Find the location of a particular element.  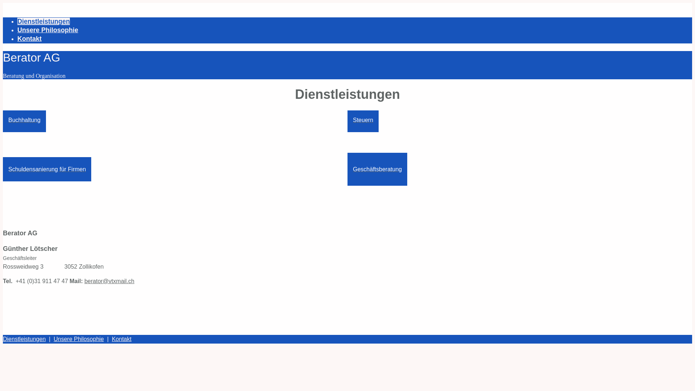

'Dienstleistungen' is located at coordinates (17, 21).